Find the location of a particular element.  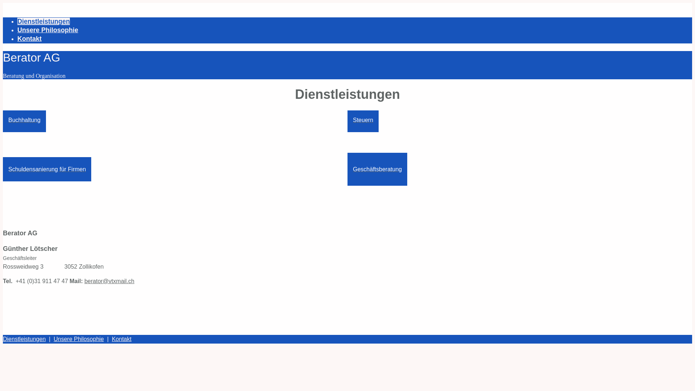

'Dienstleistungen' is located at coordinates (17, 21).